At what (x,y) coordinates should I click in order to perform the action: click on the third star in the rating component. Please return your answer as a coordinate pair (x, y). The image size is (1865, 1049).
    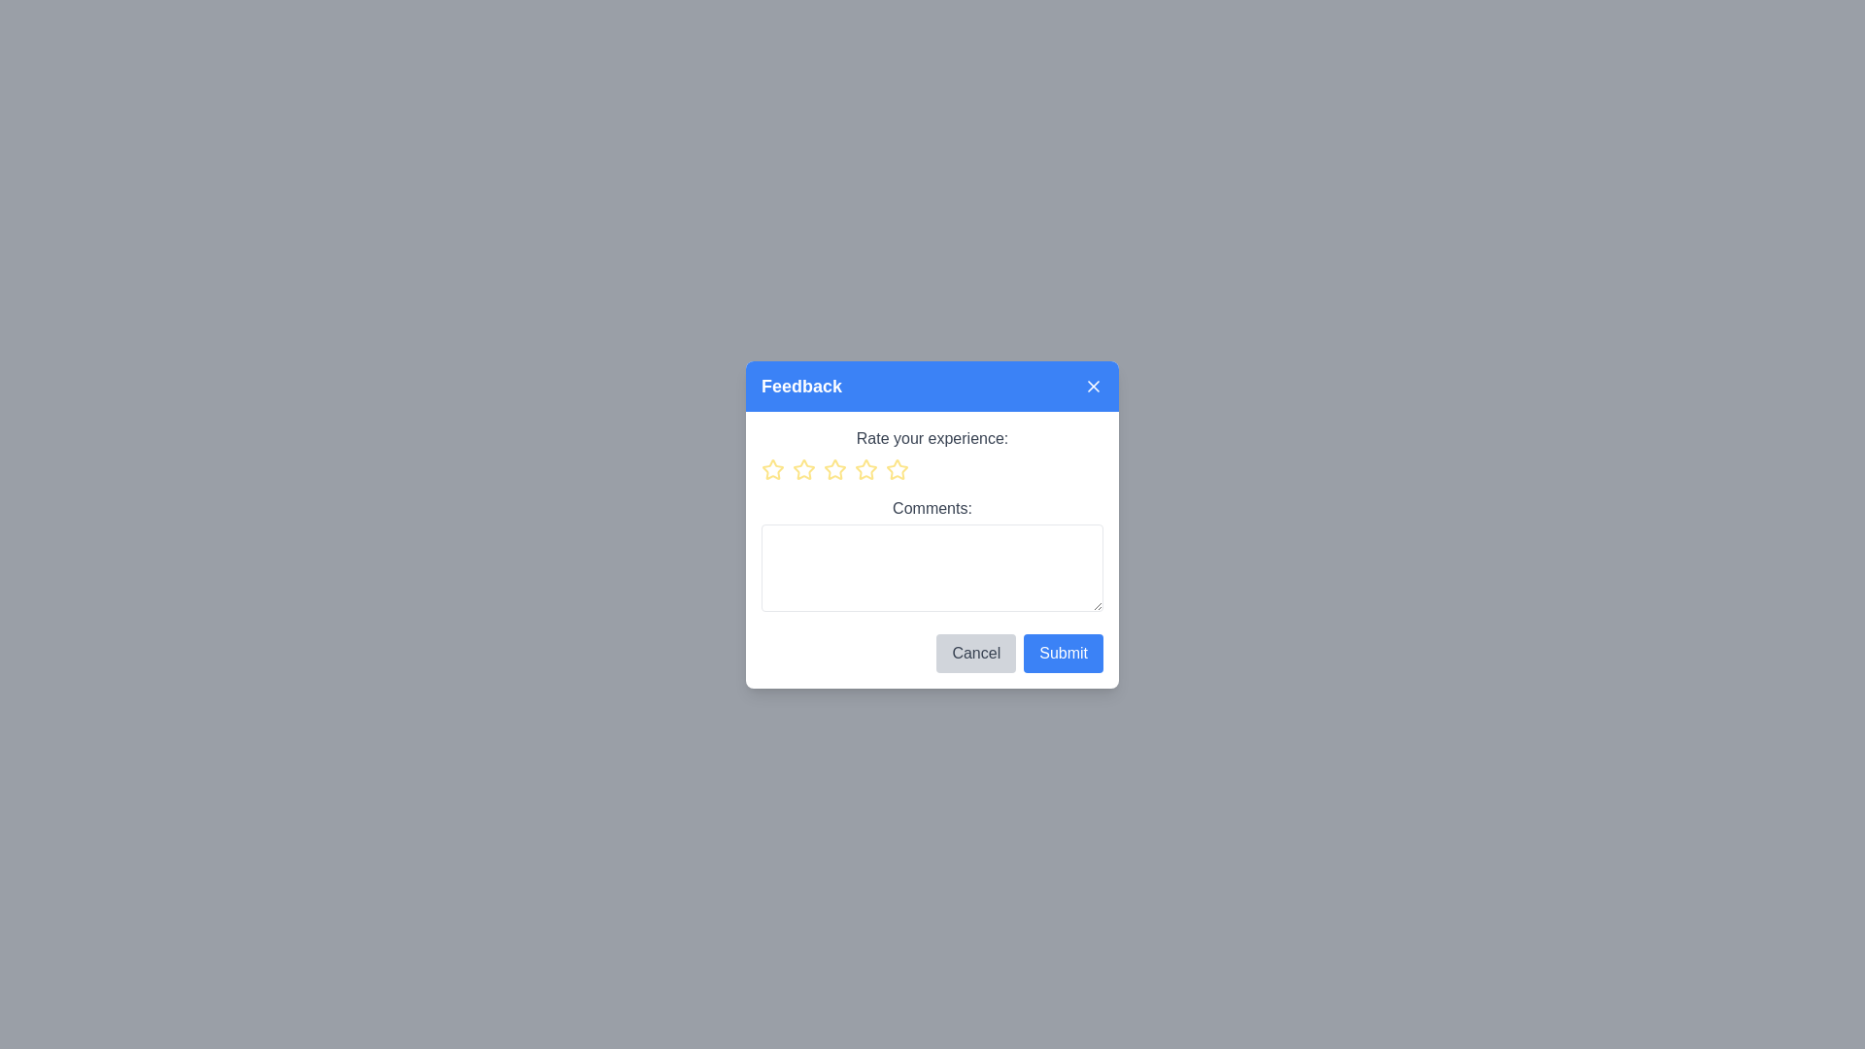
    Looking at the image, I should click on (834, 469).